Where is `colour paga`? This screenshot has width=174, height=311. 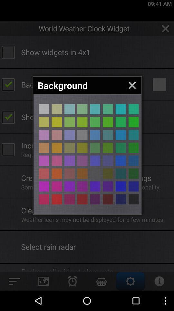
colour paga is located at coordinates (108, 148).